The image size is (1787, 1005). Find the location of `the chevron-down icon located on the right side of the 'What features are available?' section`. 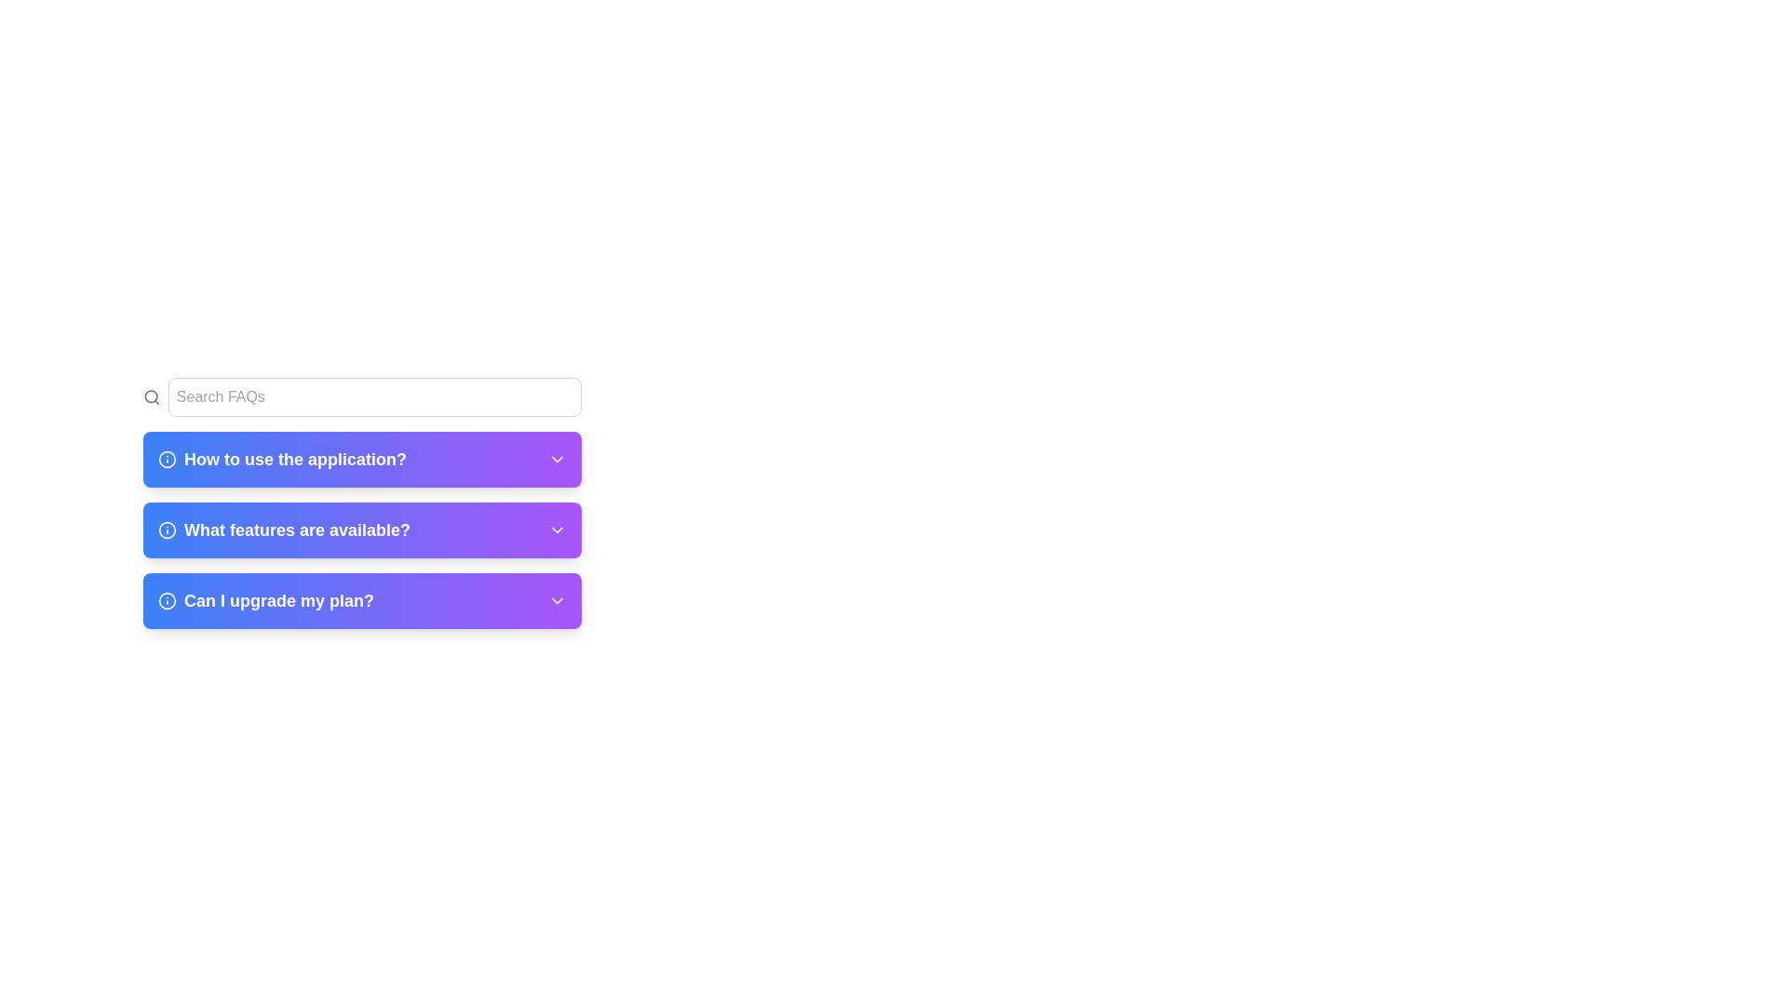

the chevron-down icon located on the right side of the 'What features are available?' section is located at coordinates (557, 530).